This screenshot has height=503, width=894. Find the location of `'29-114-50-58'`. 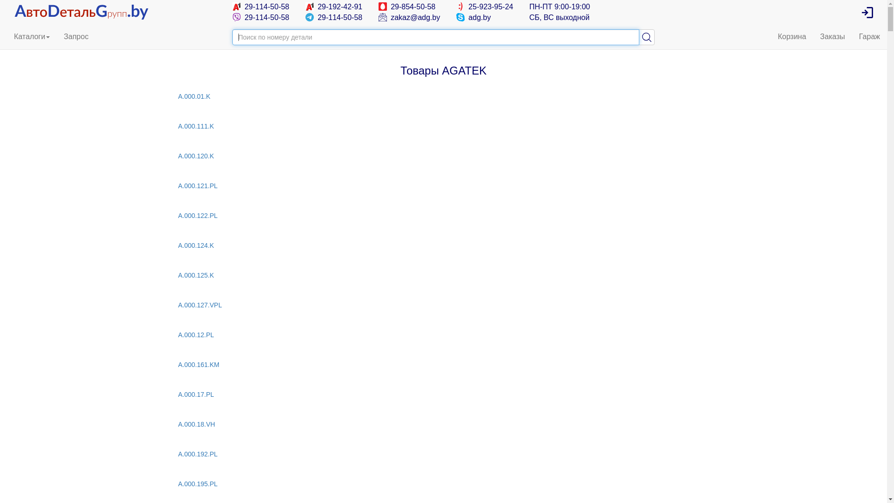

'29-114-50-58' is located at coordinates (261, 7).